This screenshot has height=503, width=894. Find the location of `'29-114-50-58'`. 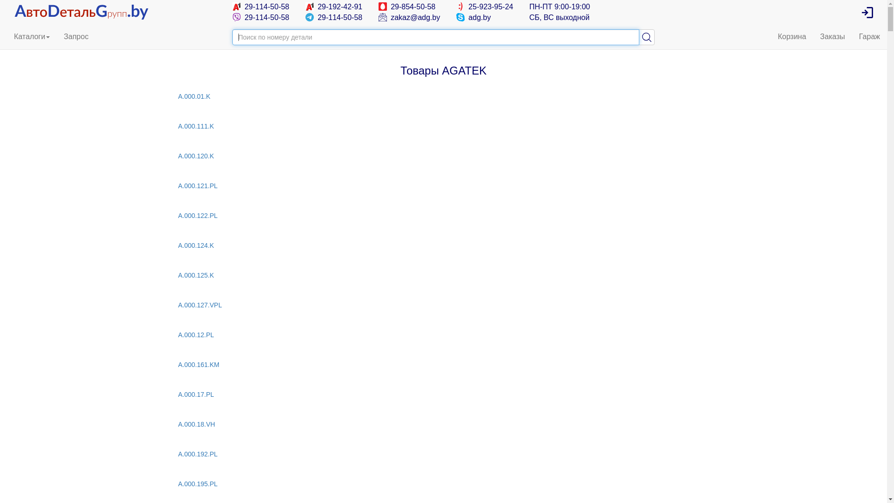

'29-114-50-58' is located at coordinates (261, 7).